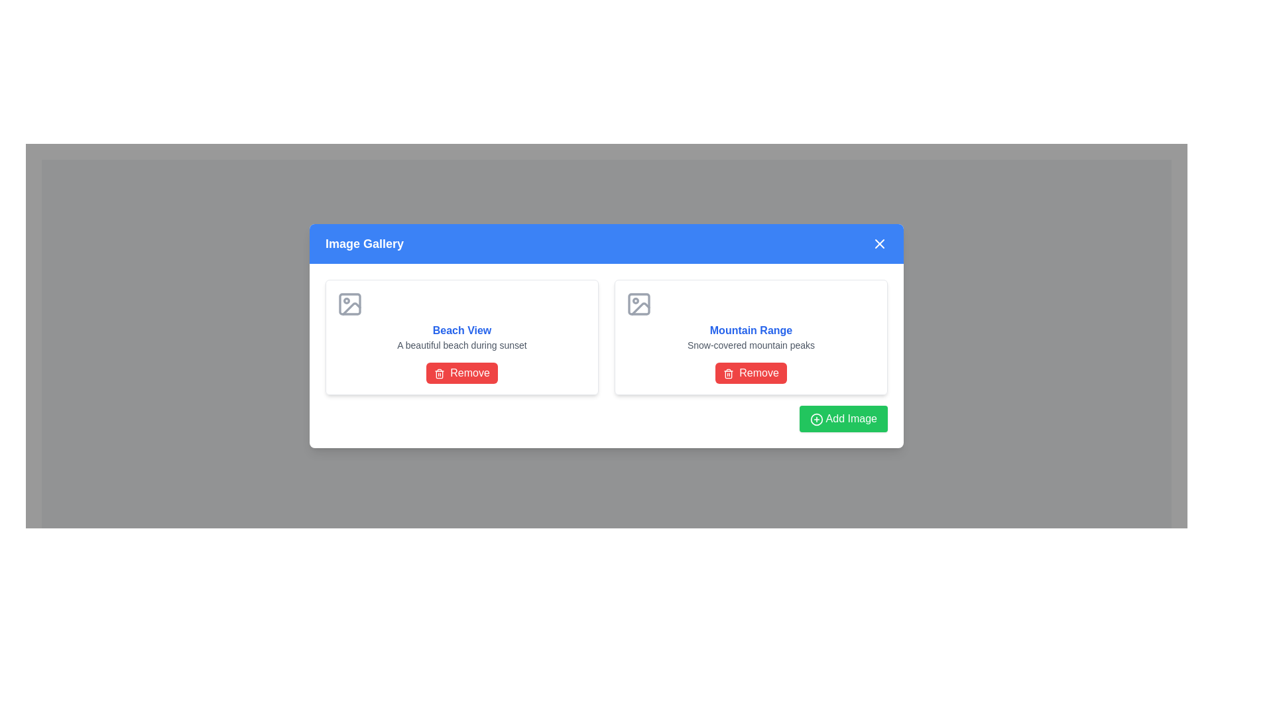  What do you see at coordinates (879, 243) in the screenshot?
I see `the close button with an 'X' icon located at the top-right corner of the blue header bar in the modal` at bounding box center [879, 243].